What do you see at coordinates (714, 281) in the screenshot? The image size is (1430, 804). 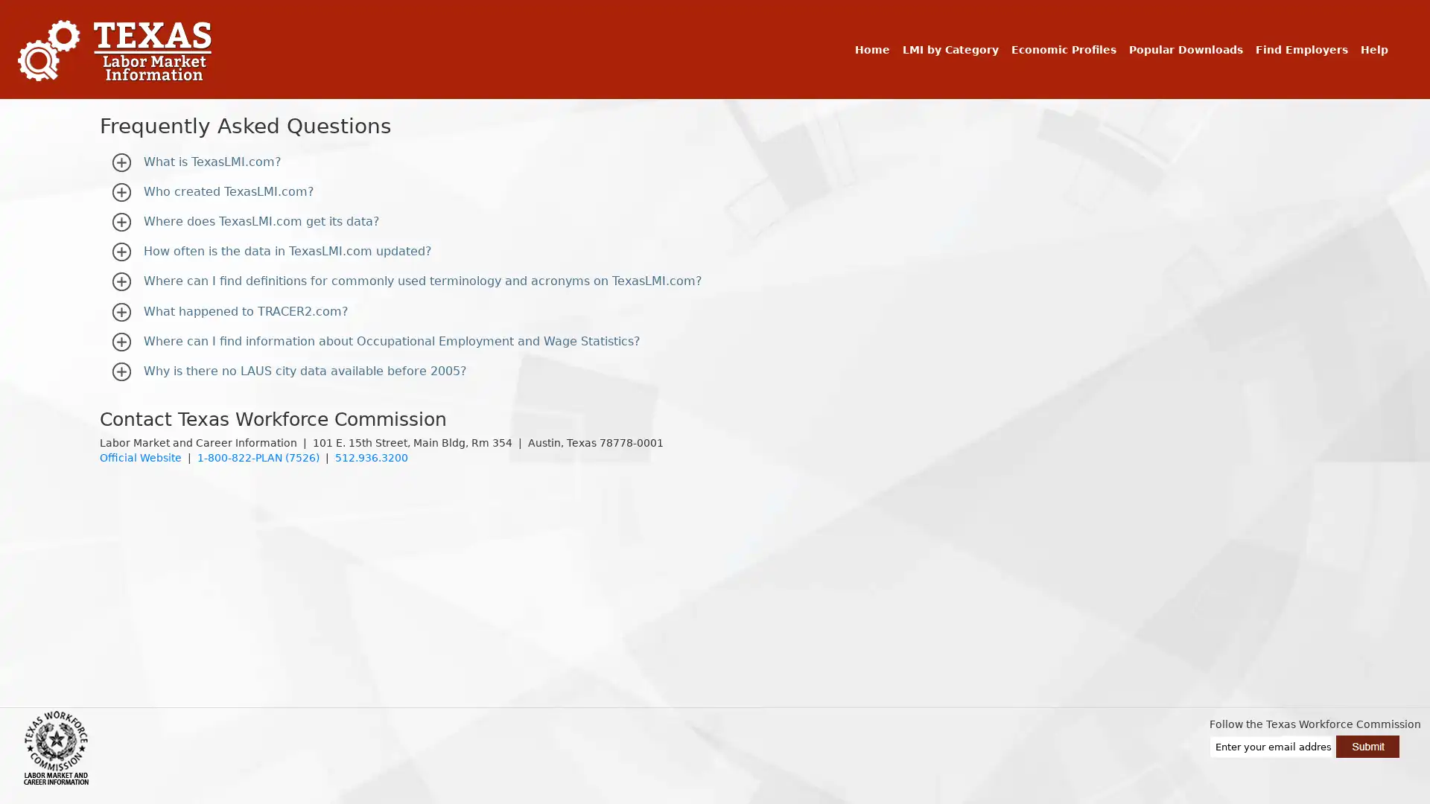 I see `Where can I find definitions for commonly used terminology and acronyms on TexasLMI.com?` at bounding box center [714, 281].